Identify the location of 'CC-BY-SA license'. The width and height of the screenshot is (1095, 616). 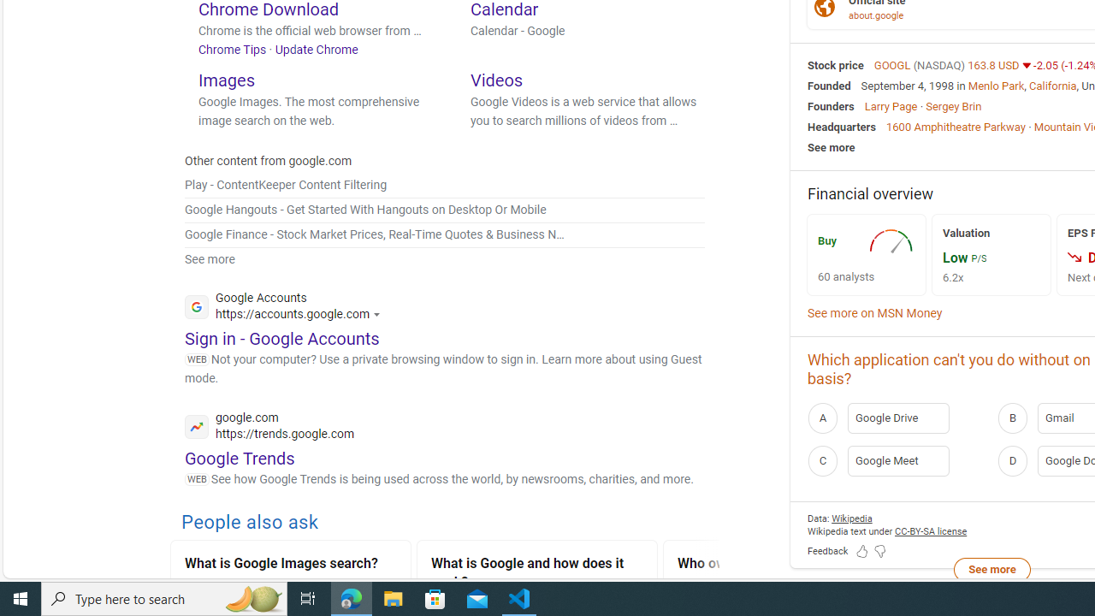
(930, 530).